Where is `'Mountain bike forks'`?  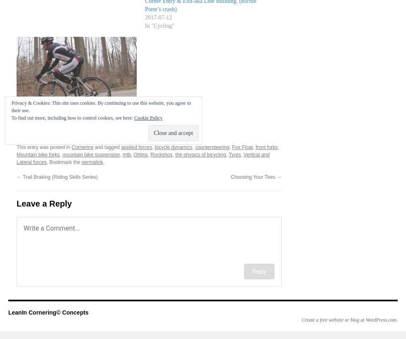
'Mountain bike forks' is located at coordinates (38, 154).